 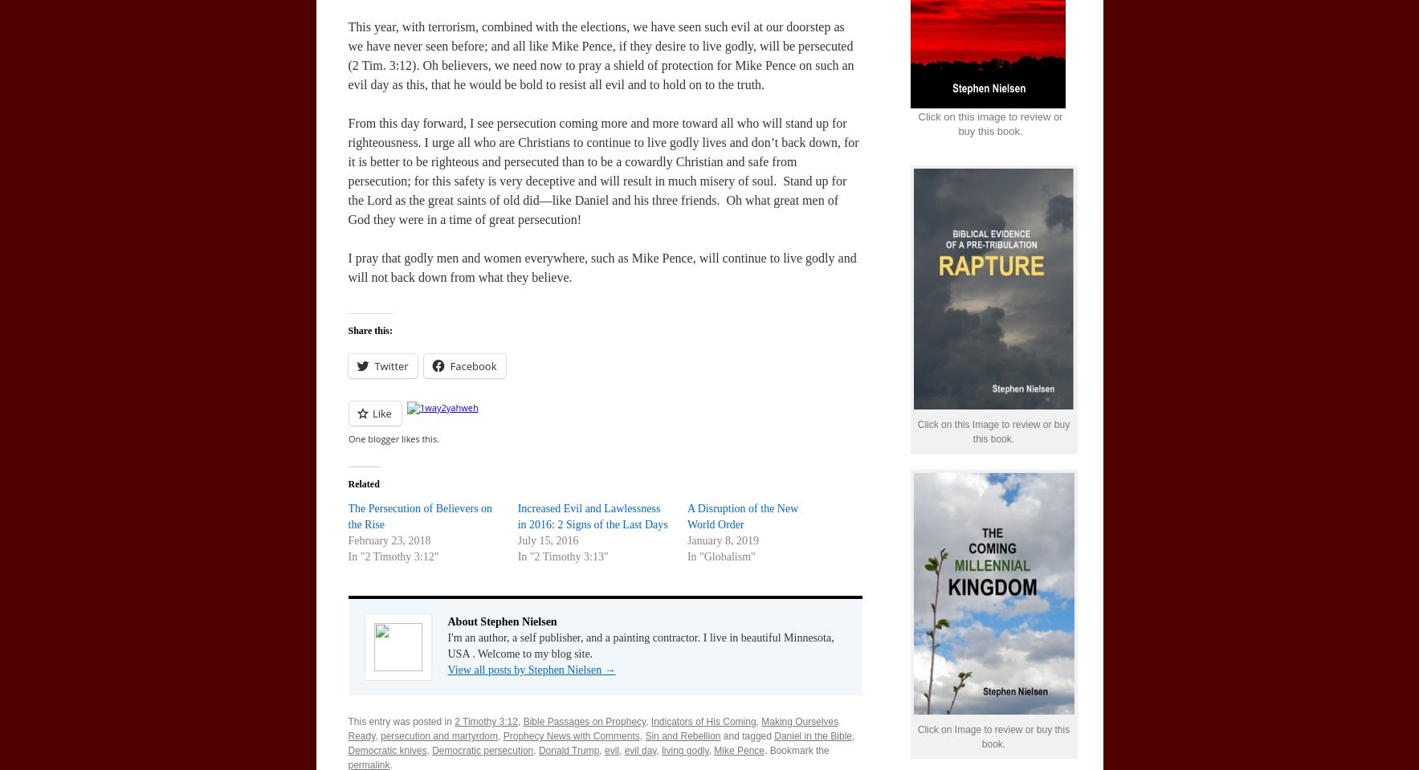 I want to click on '2 Timothy 3:12', so click(x=485, y=721).